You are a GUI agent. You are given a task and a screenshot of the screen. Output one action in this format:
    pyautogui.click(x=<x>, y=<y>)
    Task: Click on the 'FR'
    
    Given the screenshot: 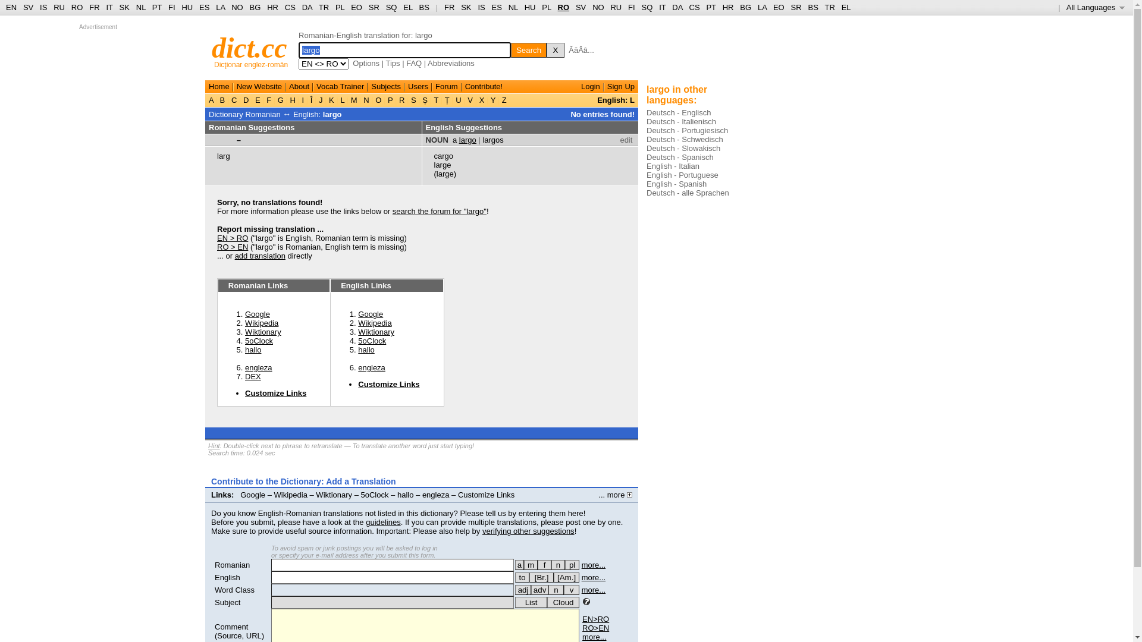 What is the action you would take?
    pyautogui.click(x=448, y=7)
    